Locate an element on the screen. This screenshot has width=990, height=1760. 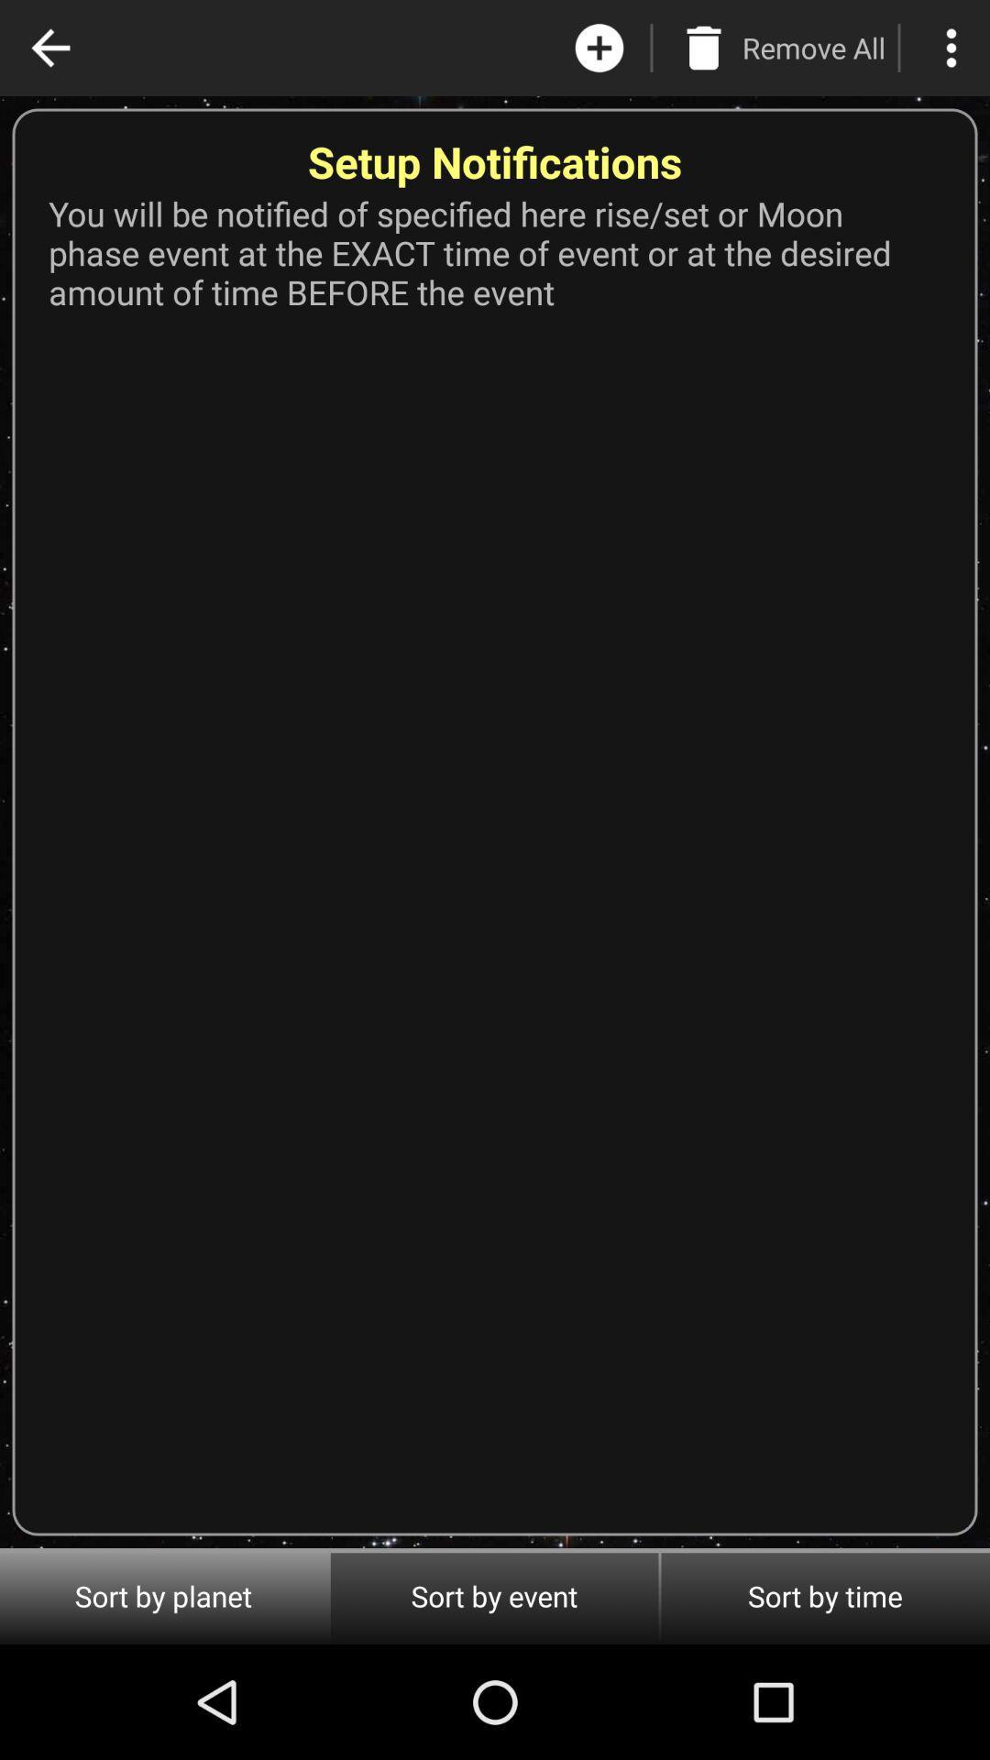
the arrow_backward icon is located at coordinates (49, 48).